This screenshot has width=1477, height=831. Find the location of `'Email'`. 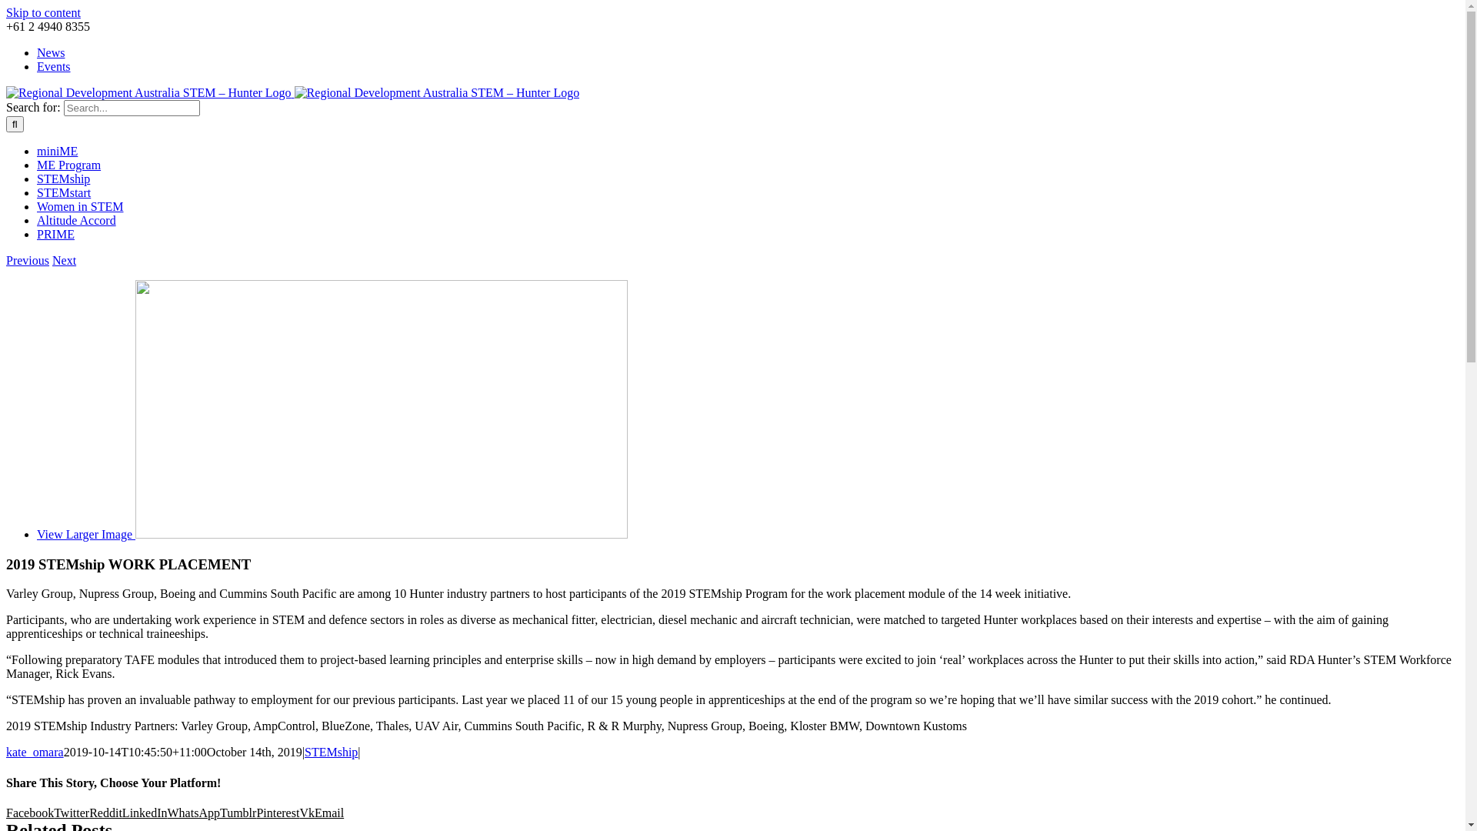

'Email' is located at coordinates (328, 812).